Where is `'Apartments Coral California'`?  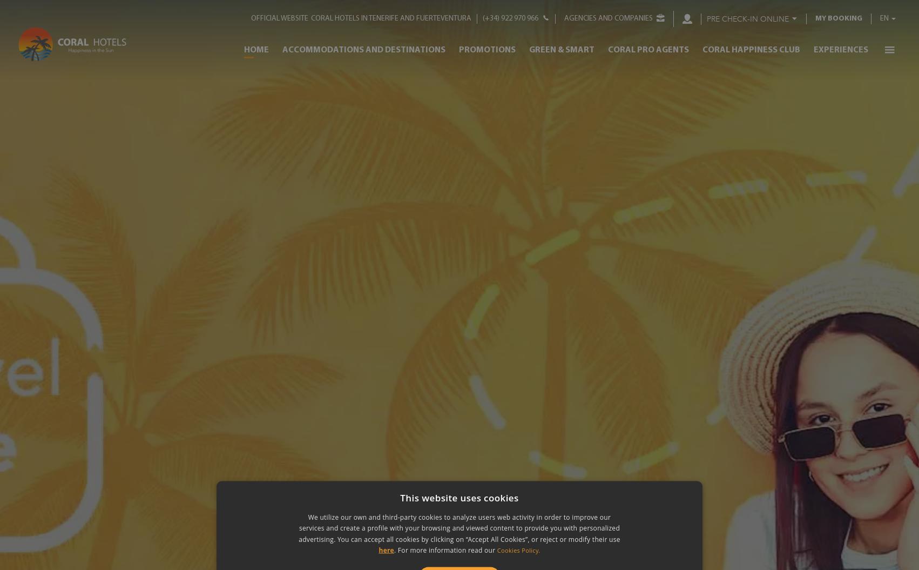 'Apartments Coral California' is located at coordinates (350, 305).